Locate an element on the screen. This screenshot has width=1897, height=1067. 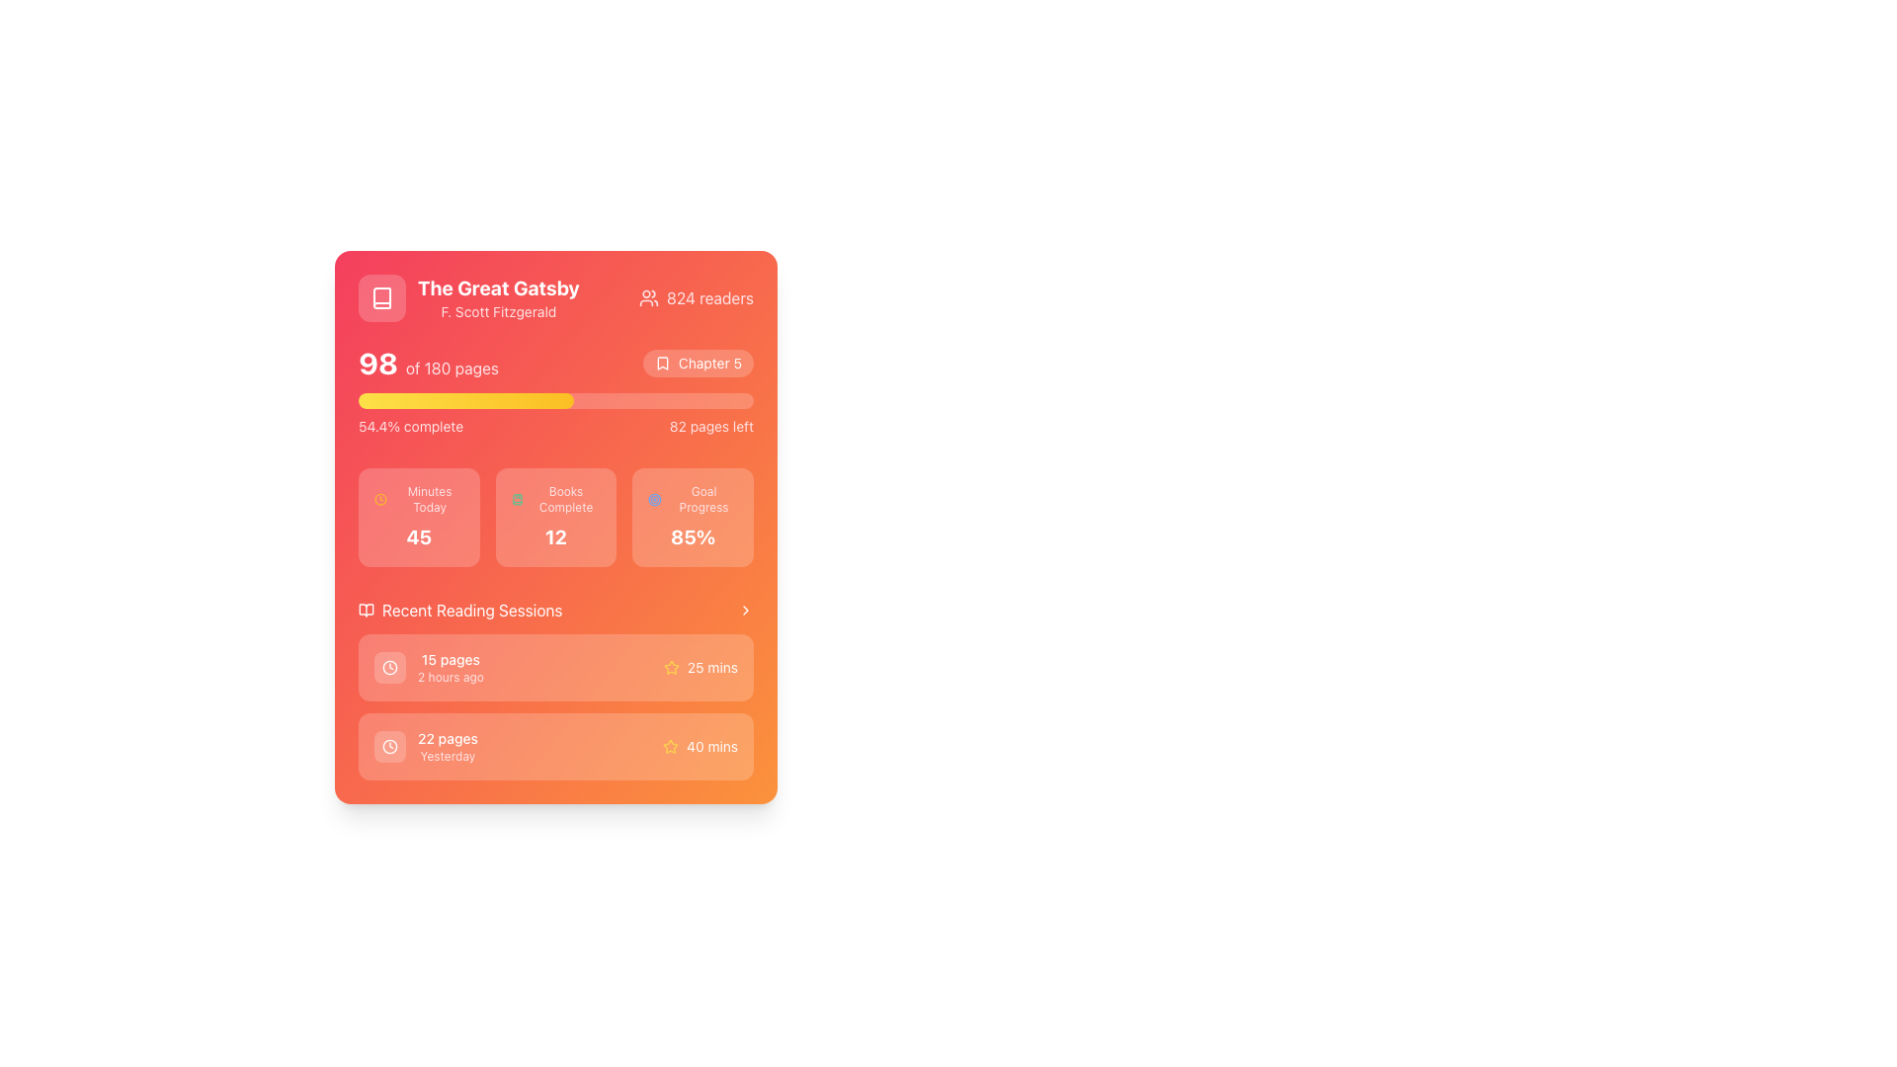
the 'Books Complete' label is located at coordinates (554, 498).